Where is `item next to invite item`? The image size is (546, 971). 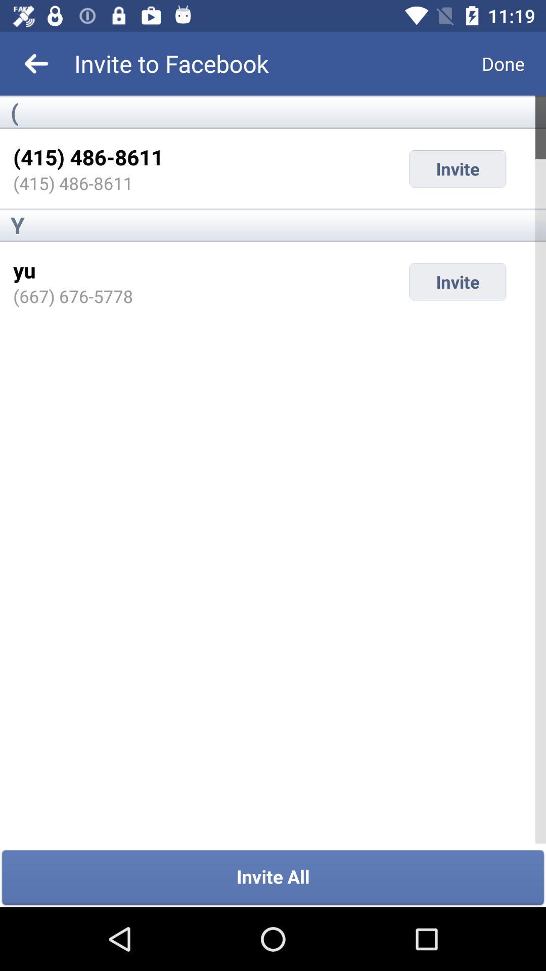 item next to invite item is located at coordinates (24, 270).